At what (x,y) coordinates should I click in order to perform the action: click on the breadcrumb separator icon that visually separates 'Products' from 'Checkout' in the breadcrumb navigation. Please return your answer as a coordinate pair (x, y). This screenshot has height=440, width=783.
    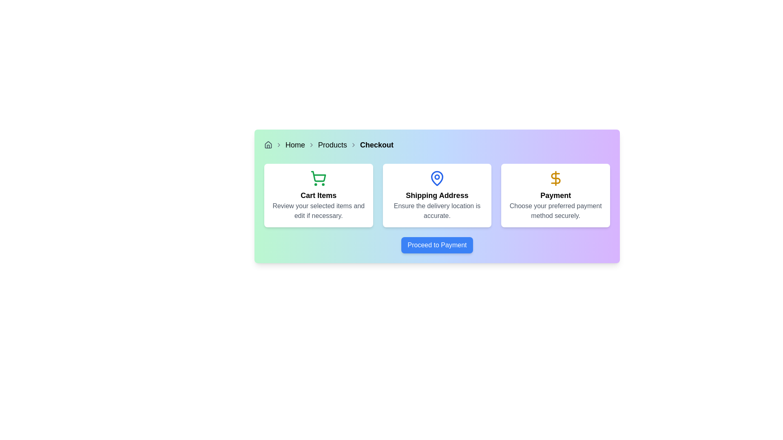
    Looking at the image, I should click on (354, 144).